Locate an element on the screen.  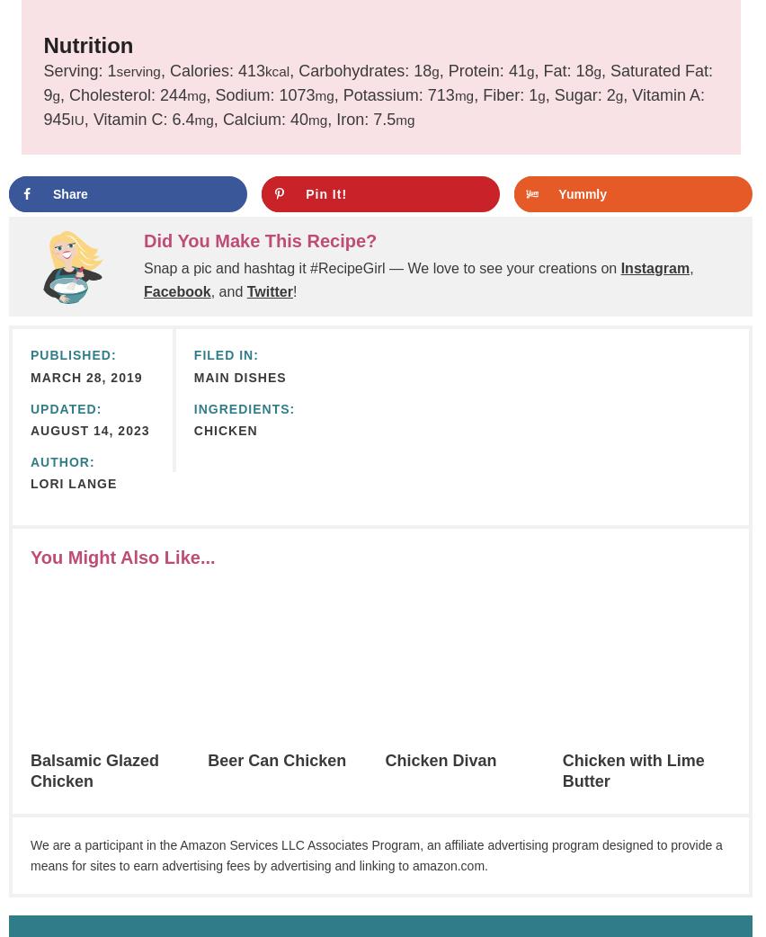
'Potassium:' is located at coordinates (383, 94).